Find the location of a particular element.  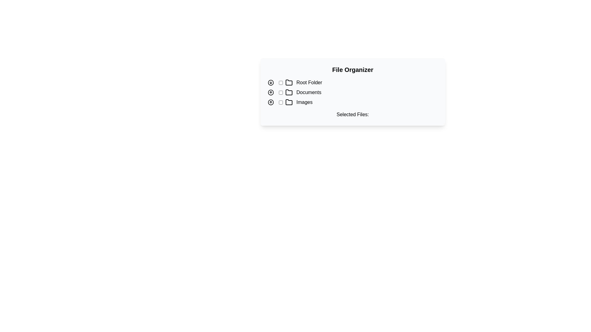

the 'File Organizer' header element, which is styled in bold and larger font, located at the top of the panel is located at coordinates (353, 69).